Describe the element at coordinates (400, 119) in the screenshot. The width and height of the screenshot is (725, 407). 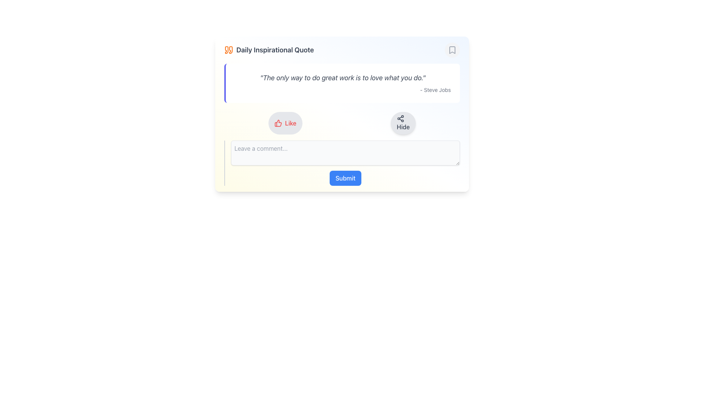
I see `the SVG icon resembling a network of three connected nodes, located inside the 'Hide' button to the left of the label 'Hide'` at that location.